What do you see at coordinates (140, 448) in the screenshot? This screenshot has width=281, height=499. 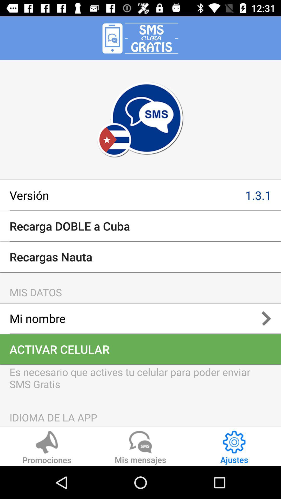 I see `the icon below idioma de la app` at bounding box center [140, 448].